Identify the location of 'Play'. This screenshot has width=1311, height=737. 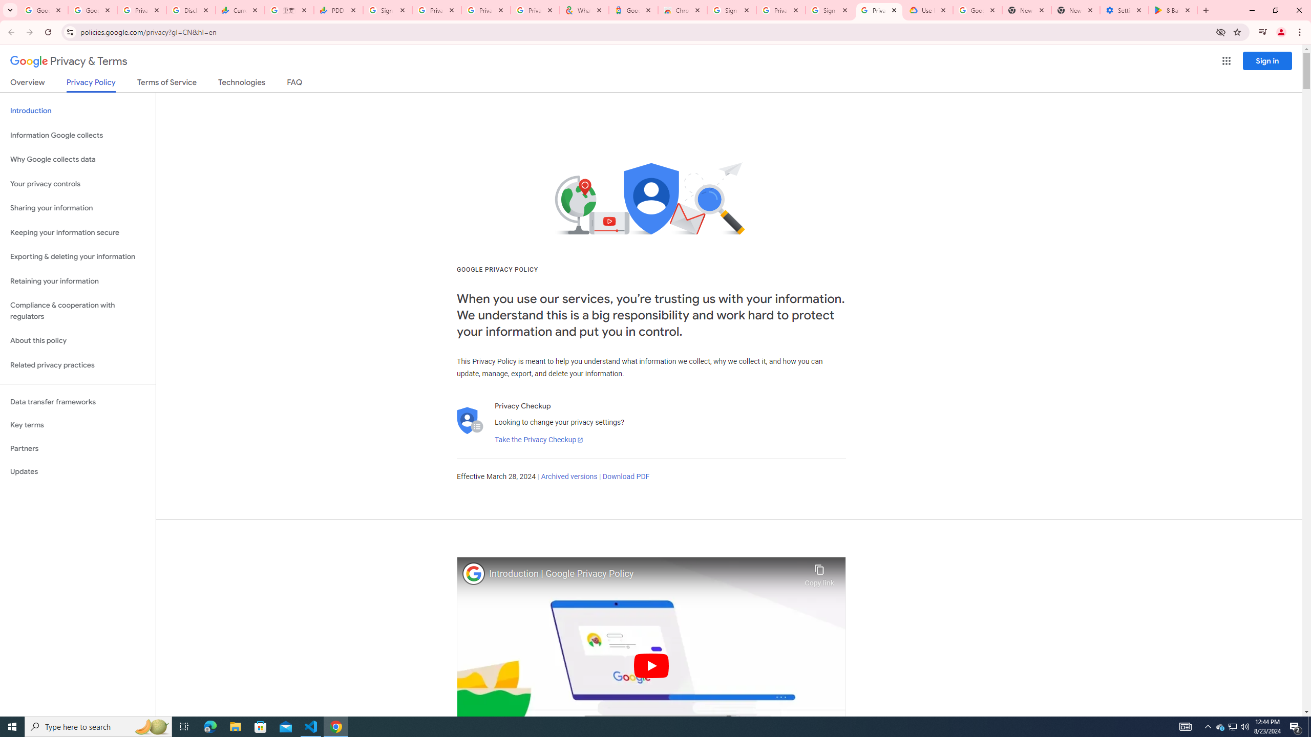
(651, 665).